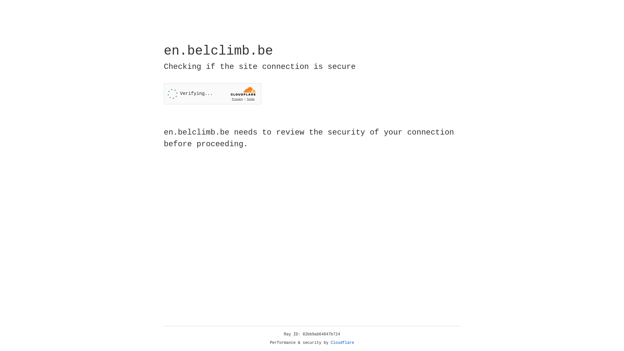 This screenshot has width=624, height=351. I want to click on 'Widget containing a Cloudflare security challenge', so click(212, 94).